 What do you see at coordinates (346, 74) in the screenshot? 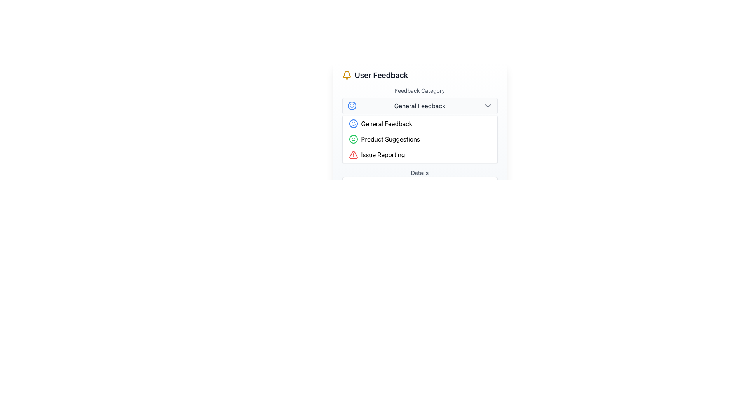
I see `the notification icon located near the top left section of the interface, above the 'User Feedback' title` at bounding box center [346, 74].